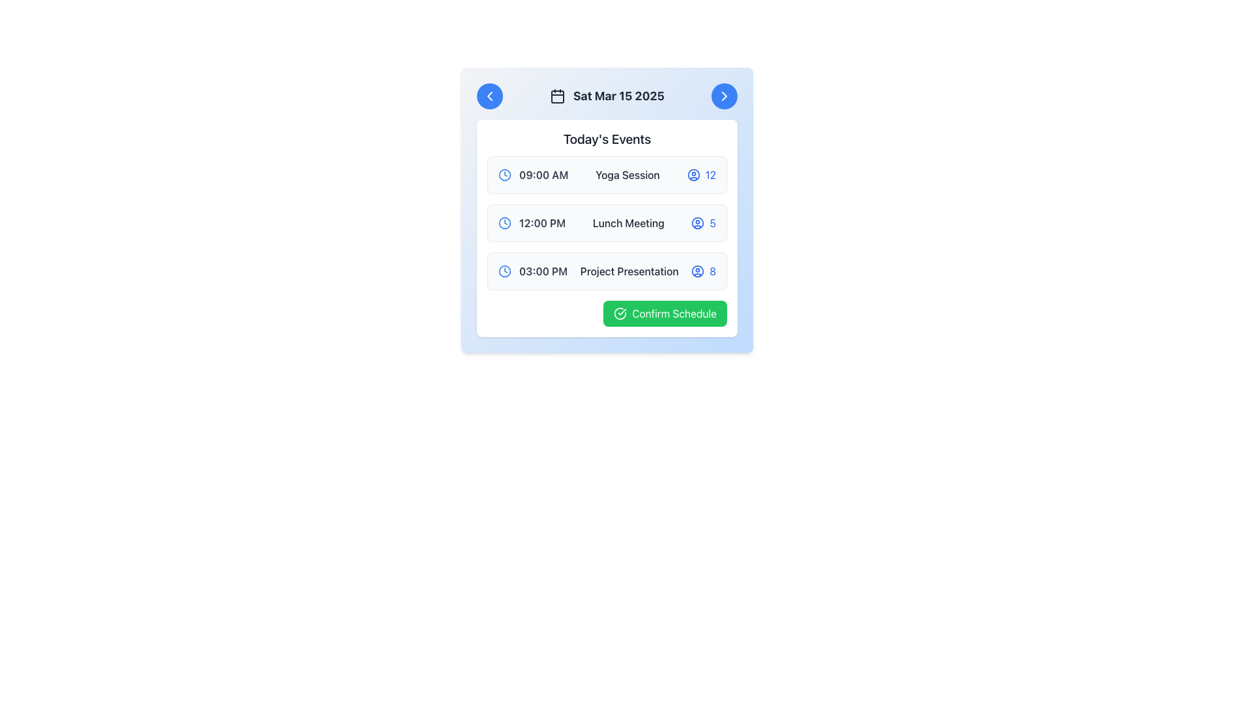 This screenshot has width=1251, height=703. Describe the element at coordinates (724, 95) in the screenshot. I see `the rightward chevron icon embedded inside the circular button in the top-right corner of the card interface` at that location.